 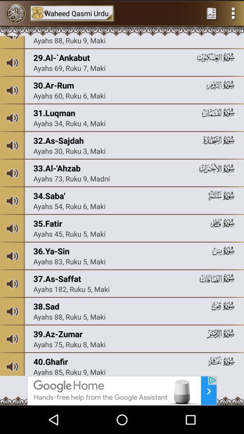 I want to click on the more icon, so click(x=233, y=14).